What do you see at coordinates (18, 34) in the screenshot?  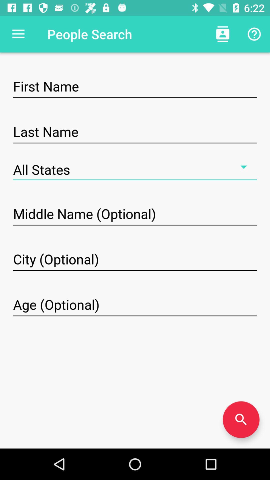 I see `the icon to the left of people search` at bounding box center [18, 34].